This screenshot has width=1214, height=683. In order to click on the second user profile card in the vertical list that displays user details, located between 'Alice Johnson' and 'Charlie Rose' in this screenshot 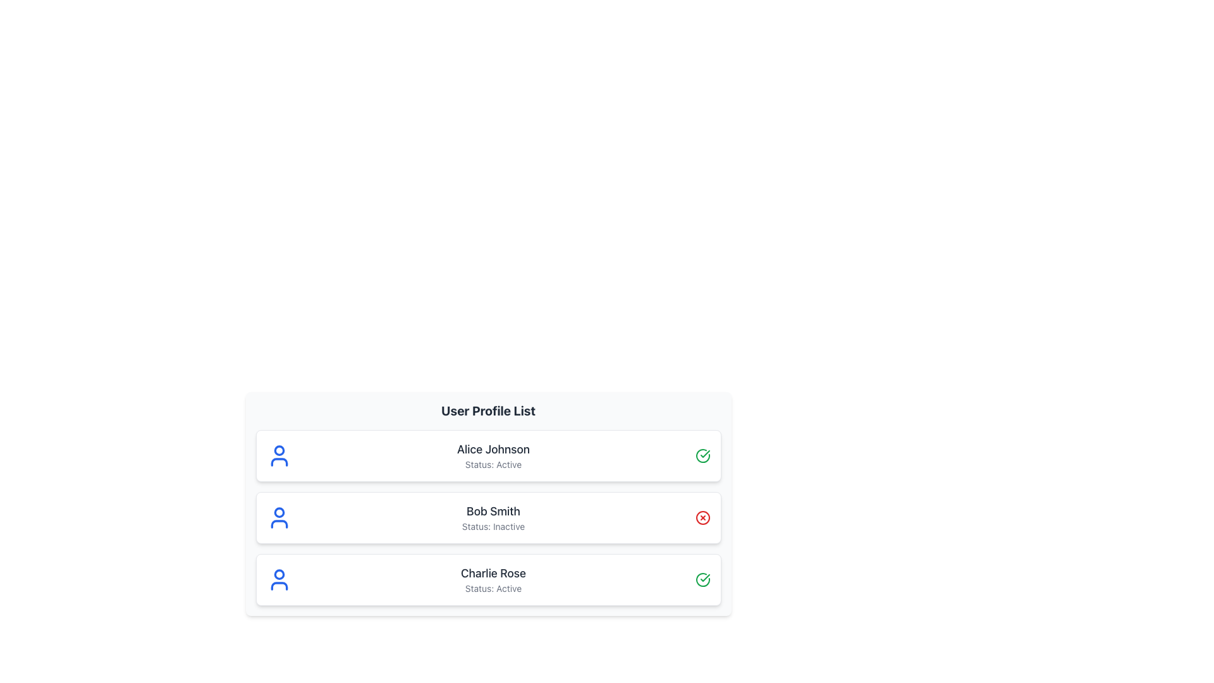, I will do `click(487, 517)`.